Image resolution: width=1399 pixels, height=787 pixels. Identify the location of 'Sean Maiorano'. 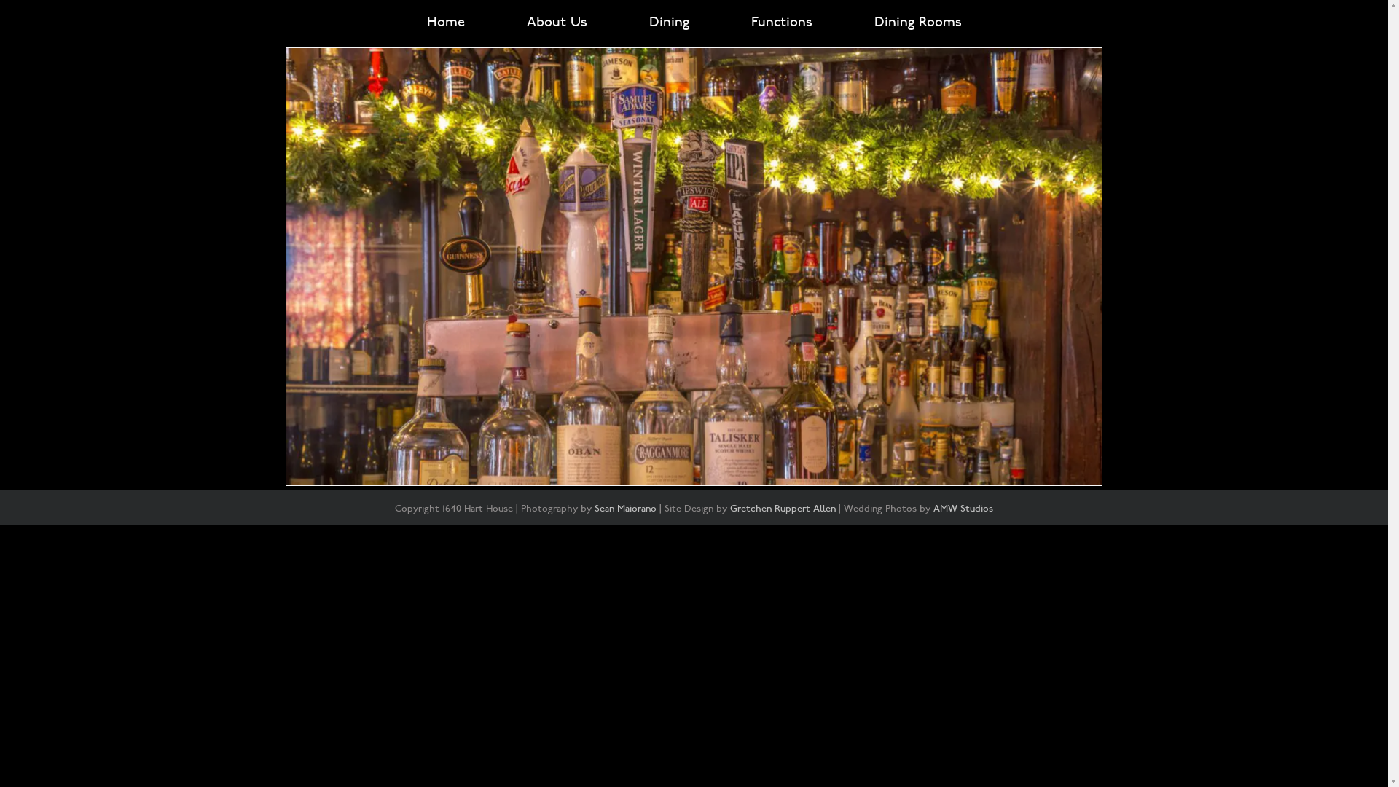
(625, 508).